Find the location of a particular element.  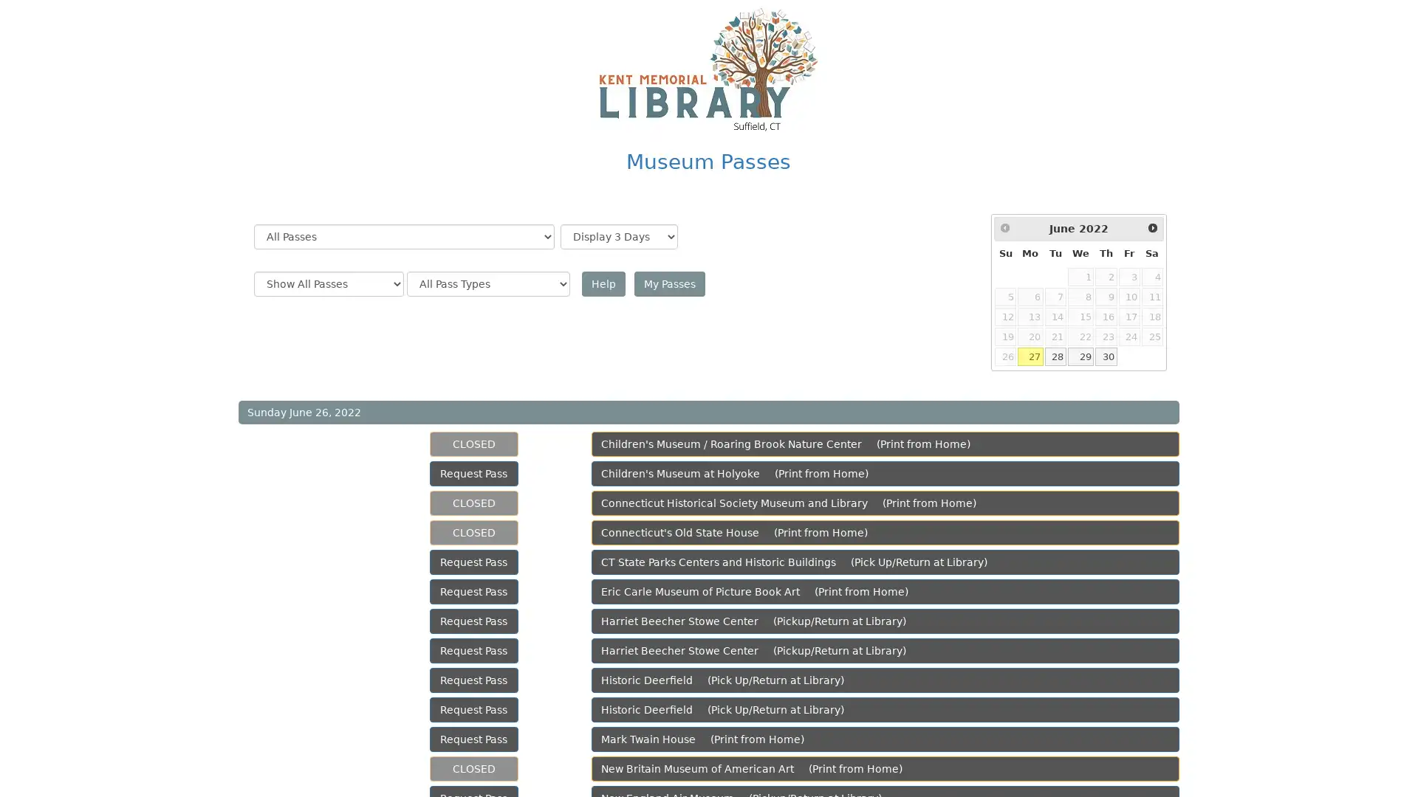

Eric Carle Museum of Picture Book Art     (Print from Home) is located at coordinates (885, 591).